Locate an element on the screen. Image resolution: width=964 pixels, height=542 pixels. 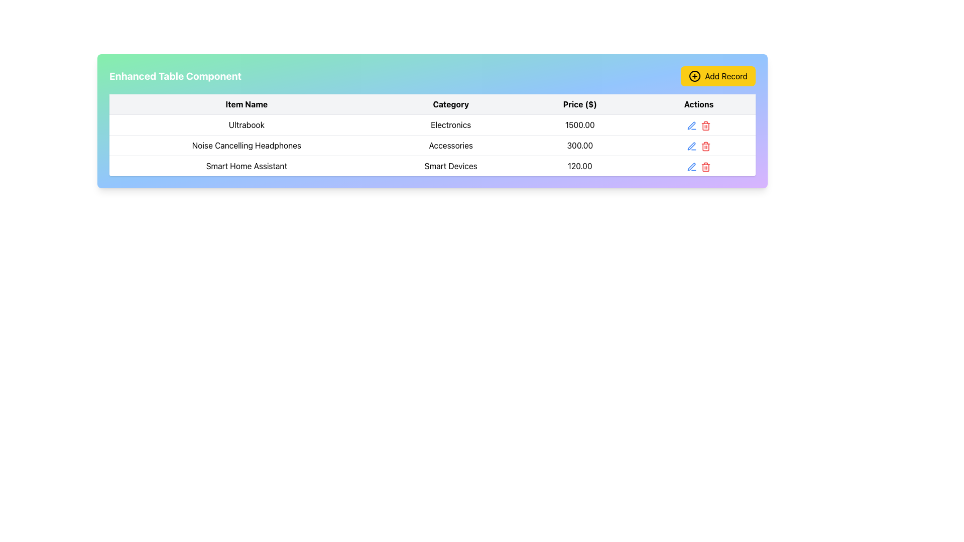
the table cell containing the text 'Smart Devices', which is centrally aligned in the second column of the third row under the 'Category' header is located at coordinates (450, 165).